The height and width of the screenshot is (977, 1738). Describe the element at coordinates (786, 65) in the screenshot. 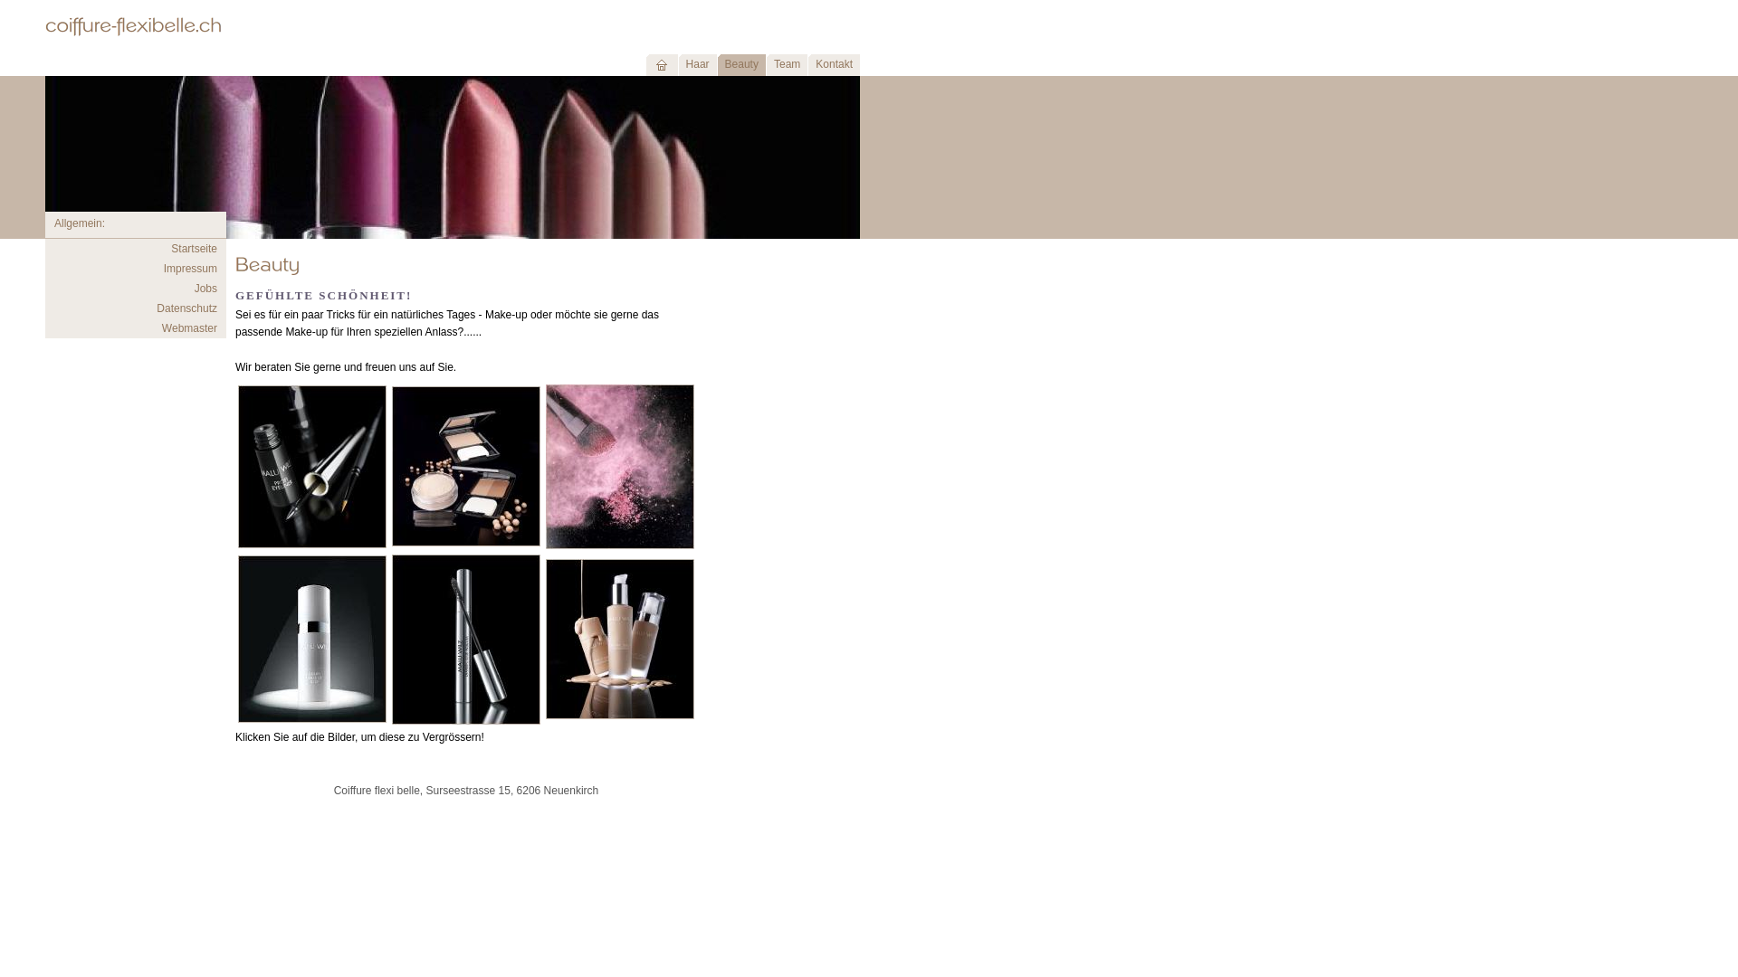

I see `'Team'` at that location.